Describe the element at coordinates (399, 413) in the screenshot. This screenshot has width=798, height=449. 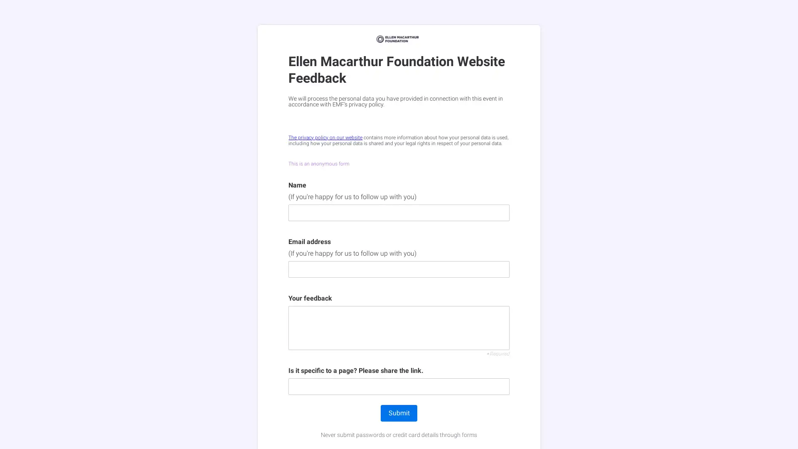
I see `Submit` at that location.